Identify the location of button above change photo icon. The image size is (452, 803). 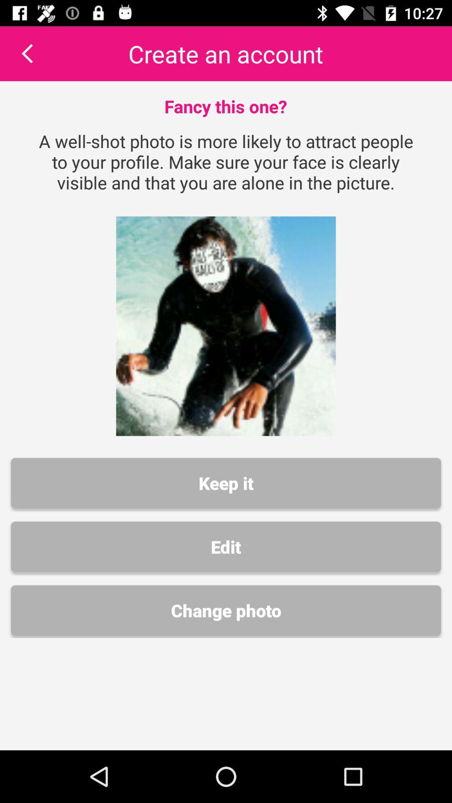
(226, 547).